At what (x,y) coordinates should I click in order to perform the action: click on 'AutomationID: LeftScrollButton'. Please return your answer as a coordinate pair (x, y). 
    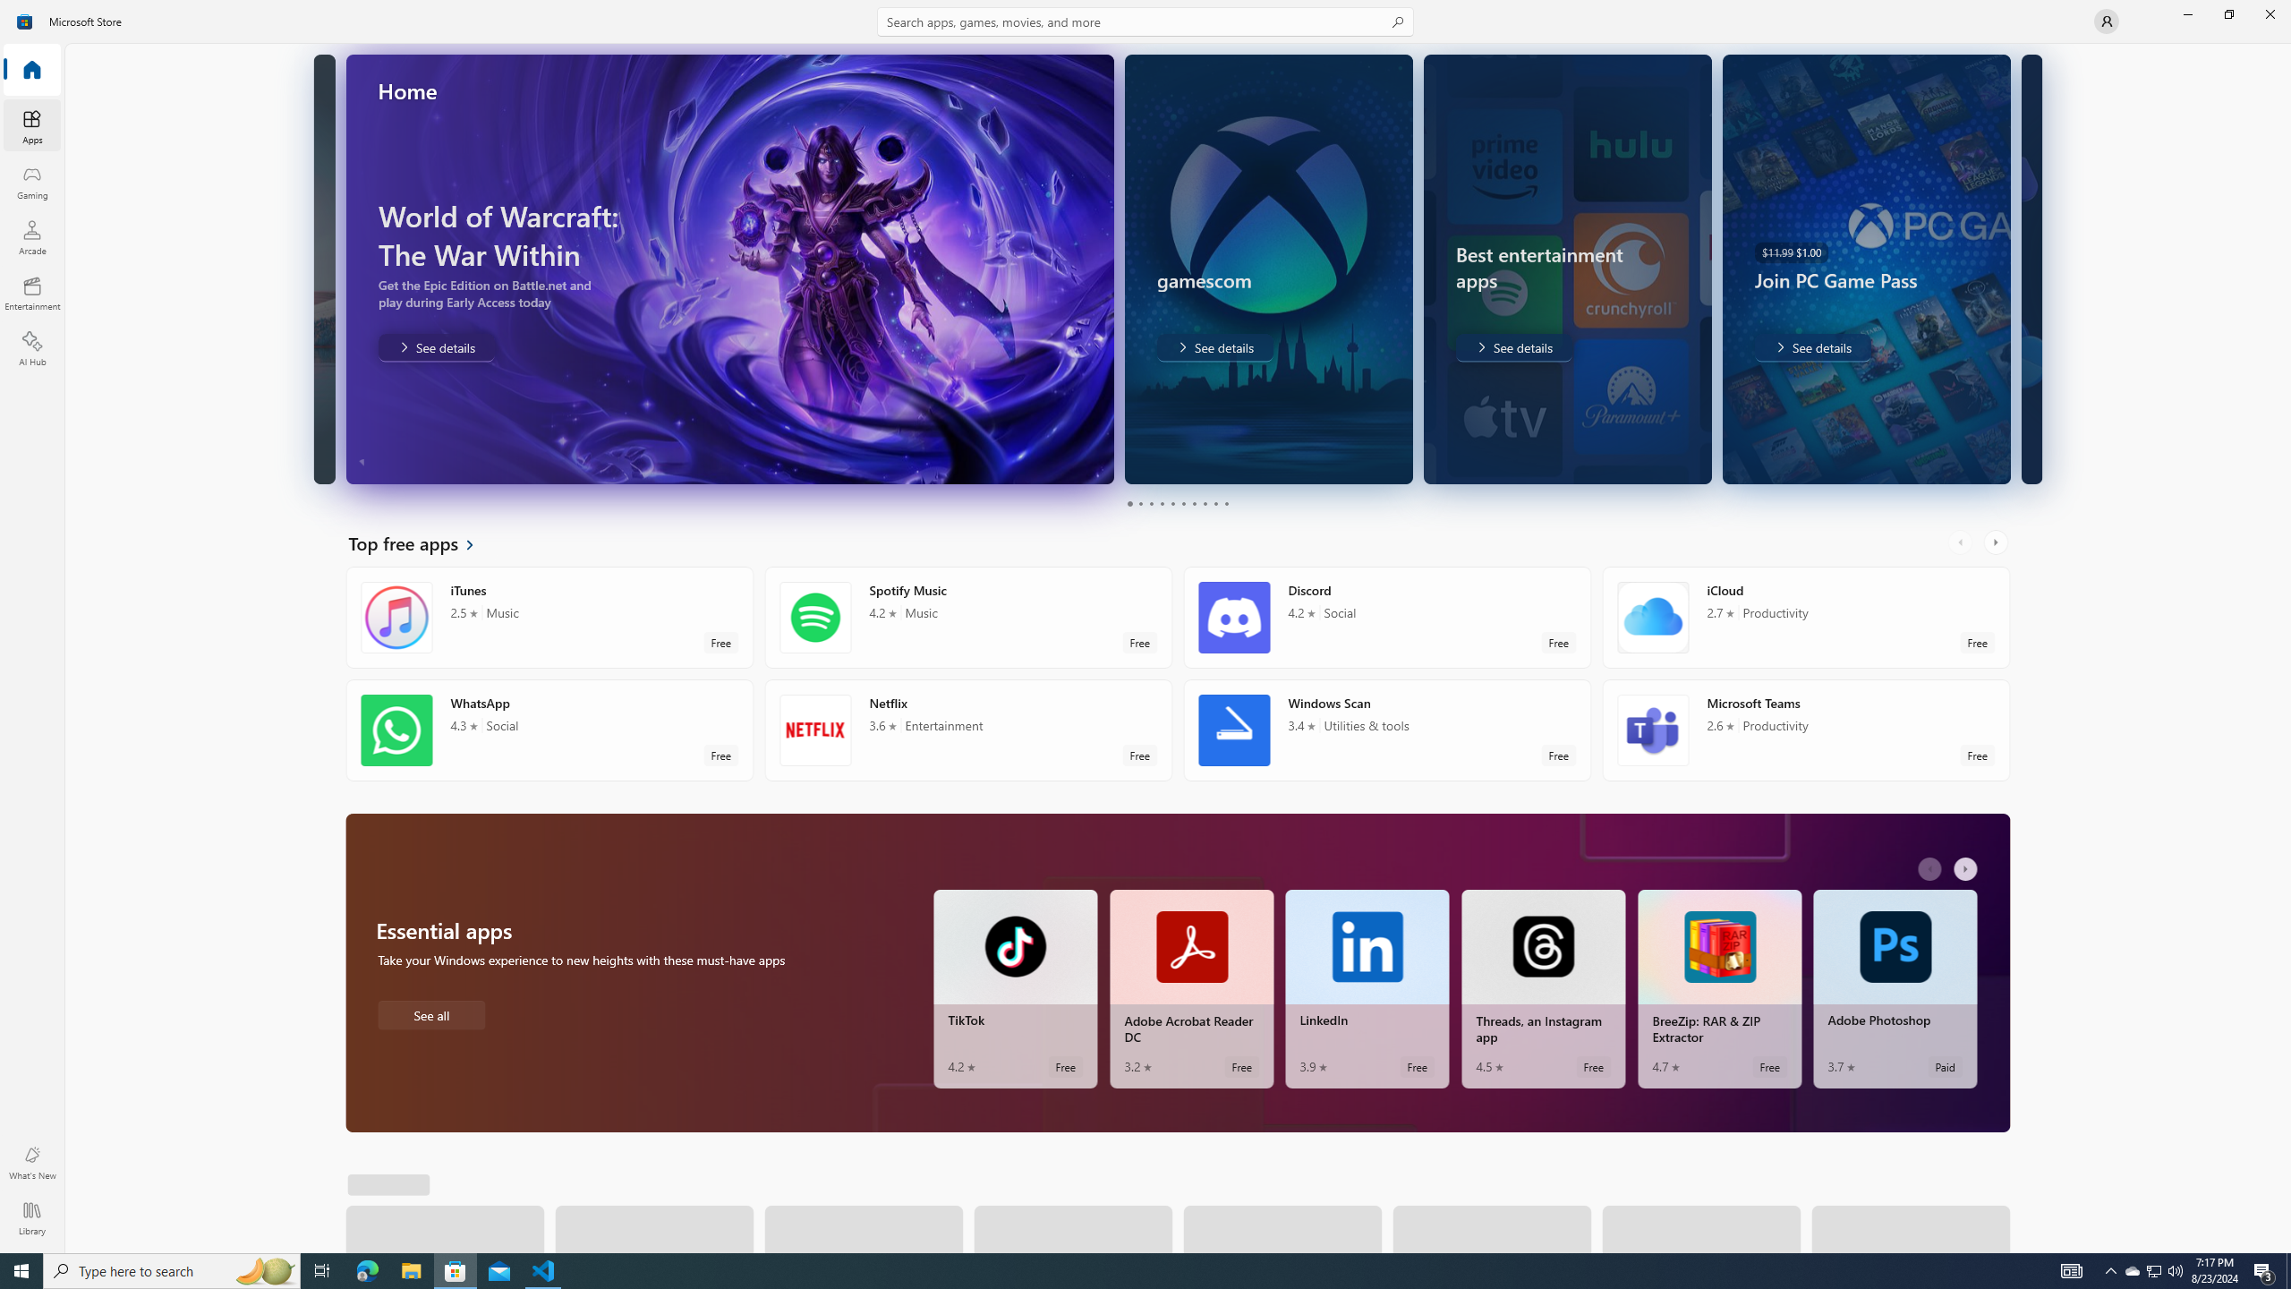
    Looking at the image, I should click on (1932, 867).